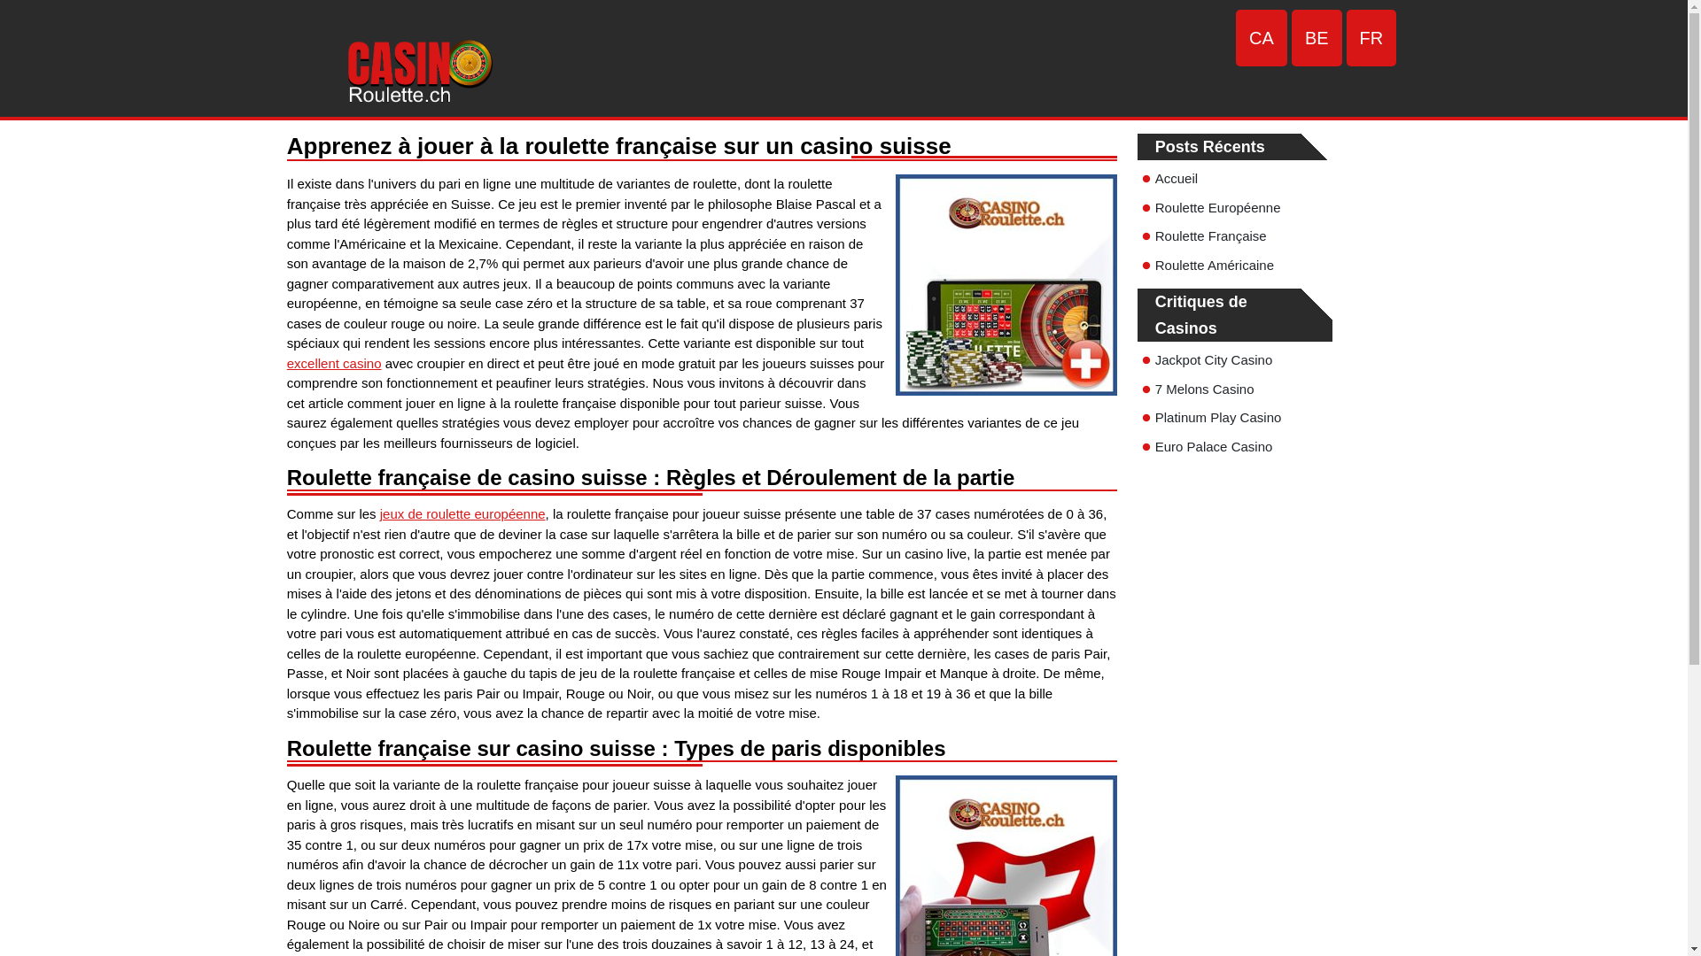 This screenshot has width=1701, height=956. I want to click on 'FR', so click(1371, 37).